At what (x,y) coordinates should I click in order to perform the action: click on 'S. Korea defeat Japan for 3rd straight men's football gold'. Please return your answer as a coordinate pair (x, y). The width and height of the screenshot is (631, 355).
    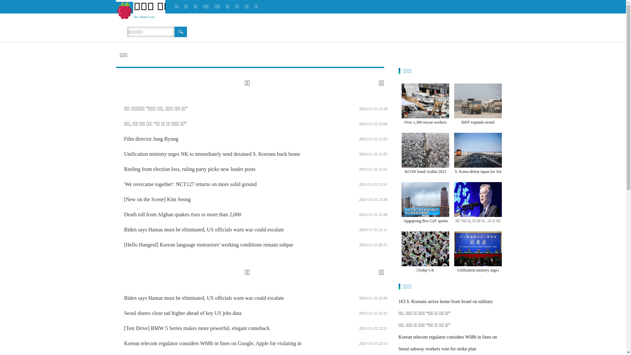
    Looking at the image, I should click on (478, 175).